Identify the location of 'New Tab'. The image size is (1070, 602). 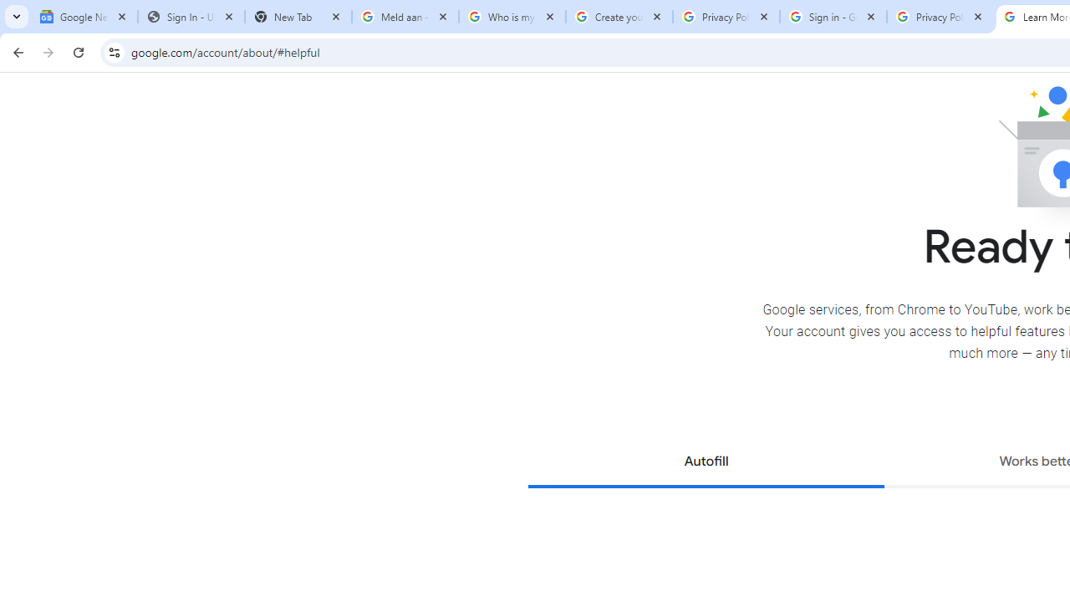
(298, 17).